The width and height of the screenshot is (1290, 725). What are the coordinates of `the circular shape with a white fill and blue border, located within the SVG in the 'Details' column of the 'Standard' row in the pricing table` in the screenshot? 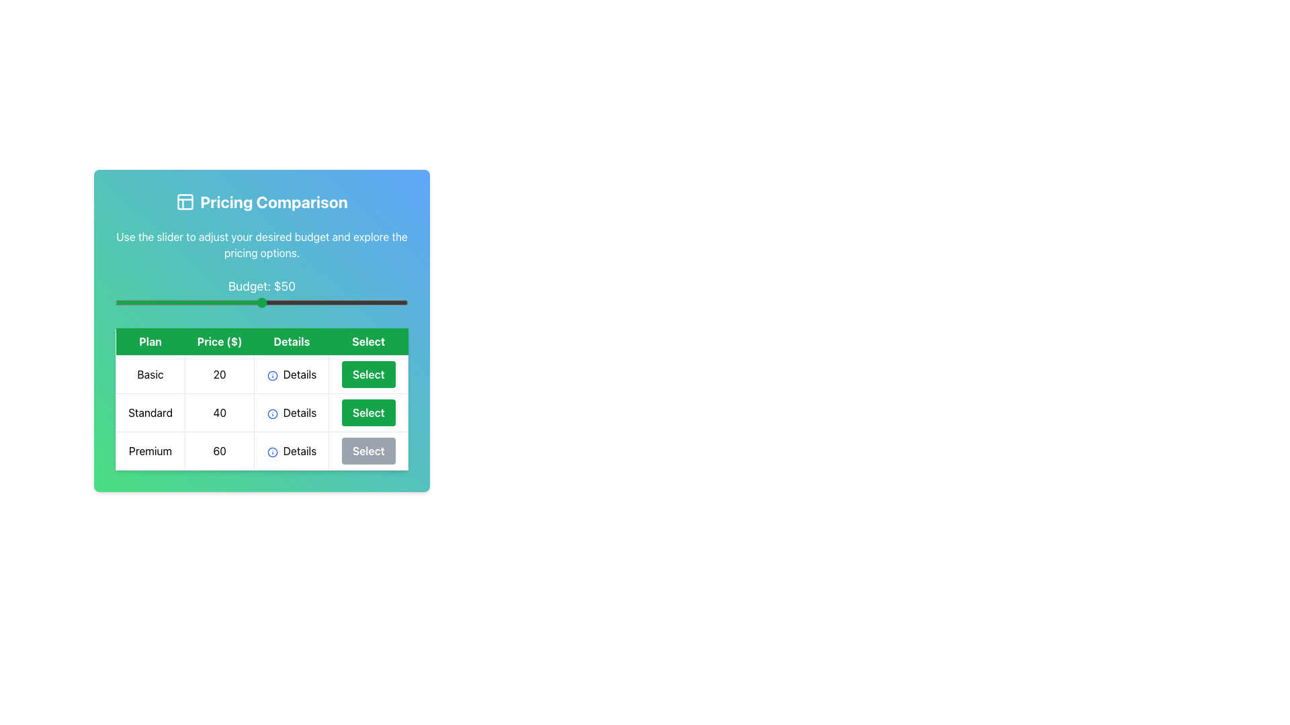 It's located at (271, 413).